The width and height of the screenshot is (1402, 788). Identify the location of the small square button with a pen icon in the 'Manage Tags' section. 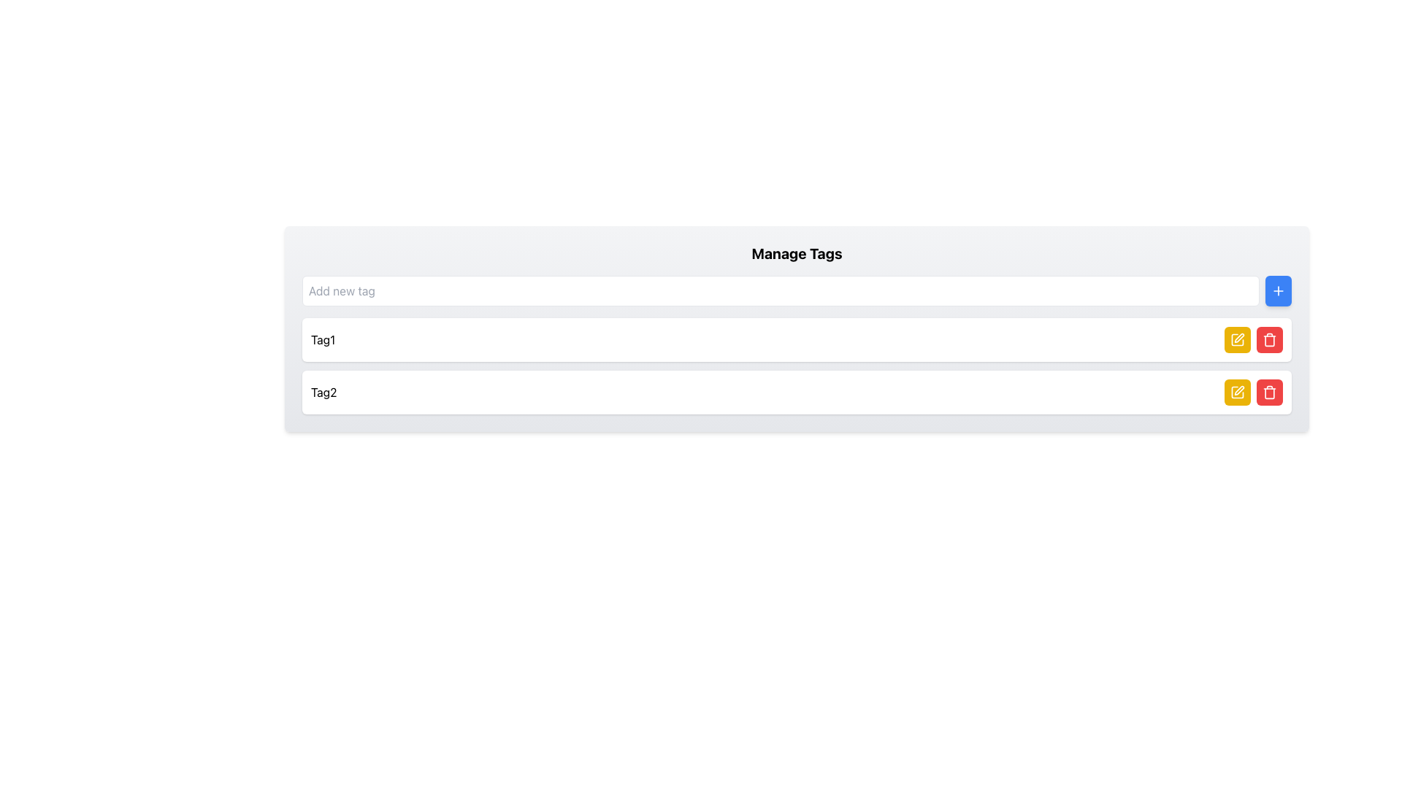
(1238, 338).